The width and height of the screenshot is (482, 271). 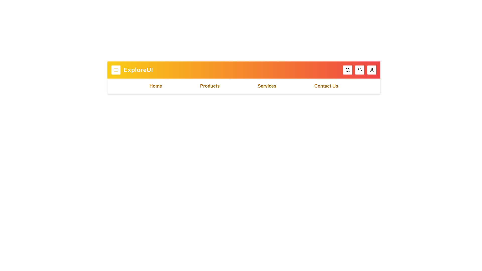 What do you see at coordinates (210, 86) in the screenshot?
I see `the menu item Products by clicking on it` at bounding box center [210, 86].